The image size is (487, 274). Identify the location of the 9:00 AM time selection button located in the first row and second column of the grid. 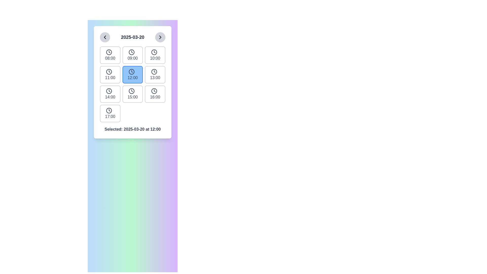
(133, 55).